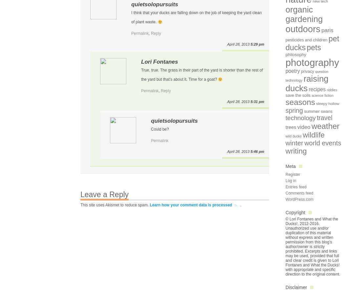 The height and width of the screenshot is (290, 361). What do you see at coordinates (292, 174) in the screenshot?
I see `'Register'` at bounding box center [292, 174].